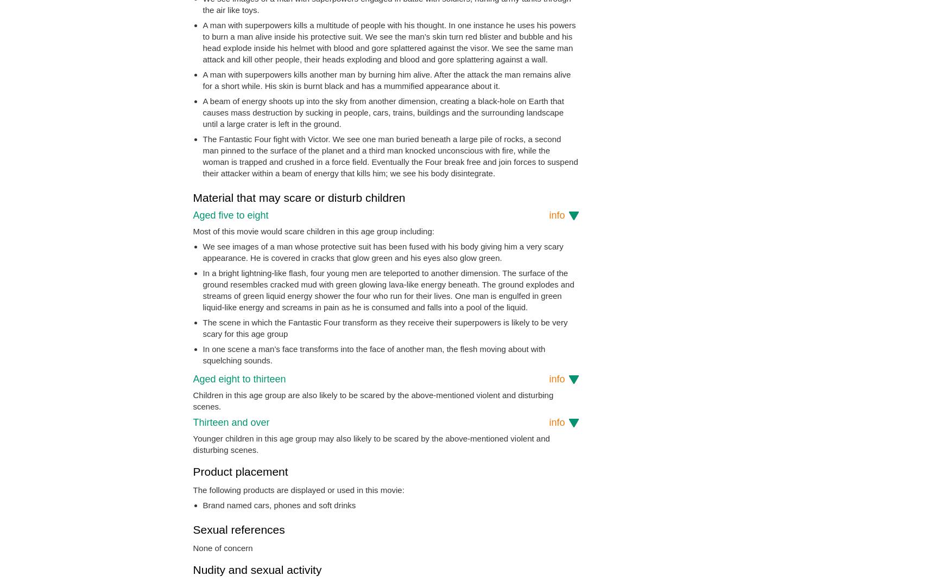  I want to click on 'Most of this movie would scare children in this age group including:', so click(312, 231).